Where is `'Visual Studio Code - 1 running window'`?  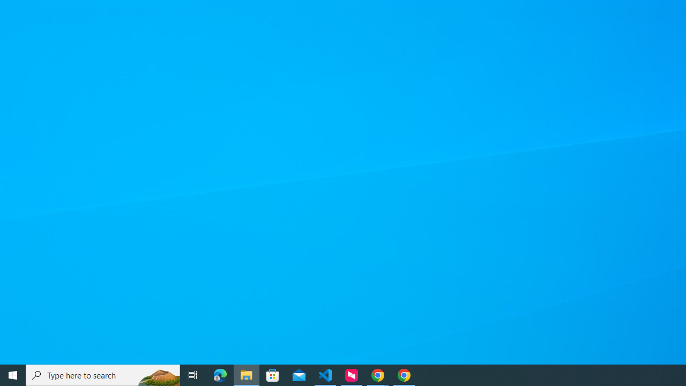
'Visual Studio Code - 1 running window' is located at coordinates (325, 374).